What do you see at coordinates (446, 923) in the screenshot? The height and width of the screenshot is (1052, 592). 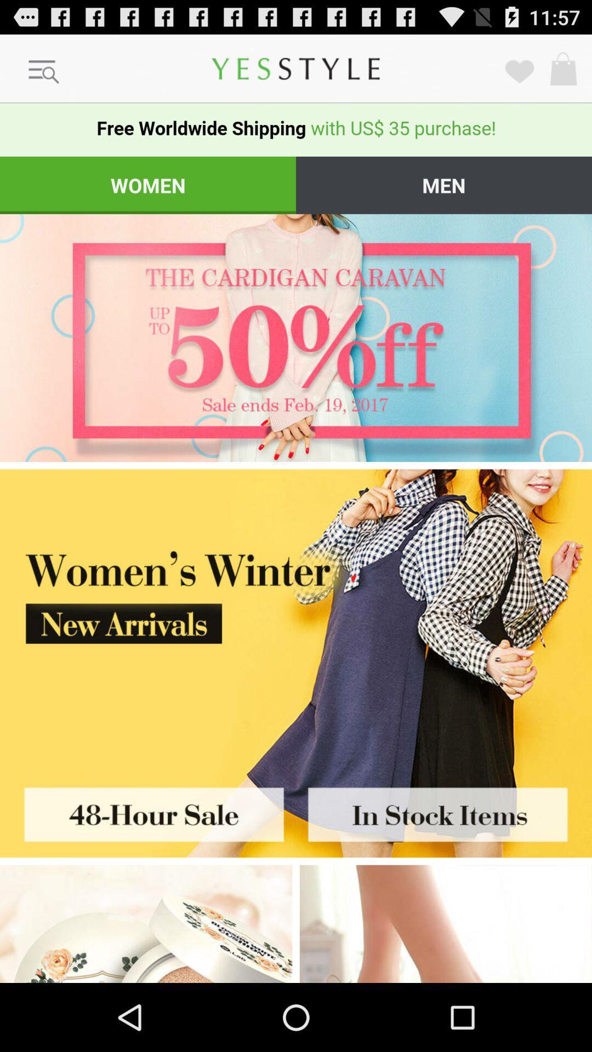 I see `adiveristment` at bounding box center [446, 923].